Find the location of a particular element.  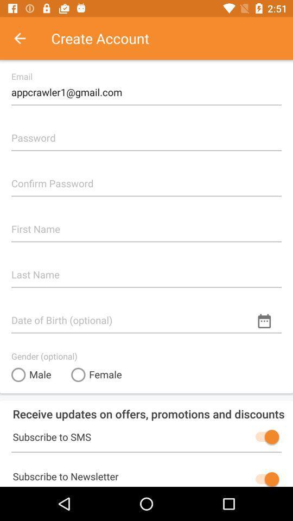

icon to the left of the create account item is located at coordinates (26, 38).